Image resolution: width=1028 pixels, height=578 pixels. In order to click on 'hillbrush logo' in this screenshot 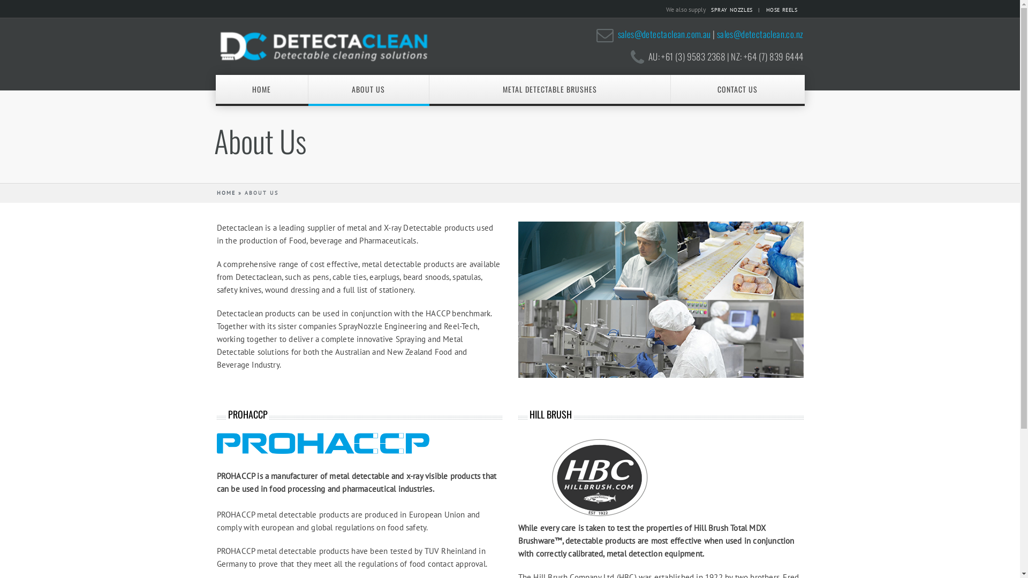, I will do `click(599, 476)`.